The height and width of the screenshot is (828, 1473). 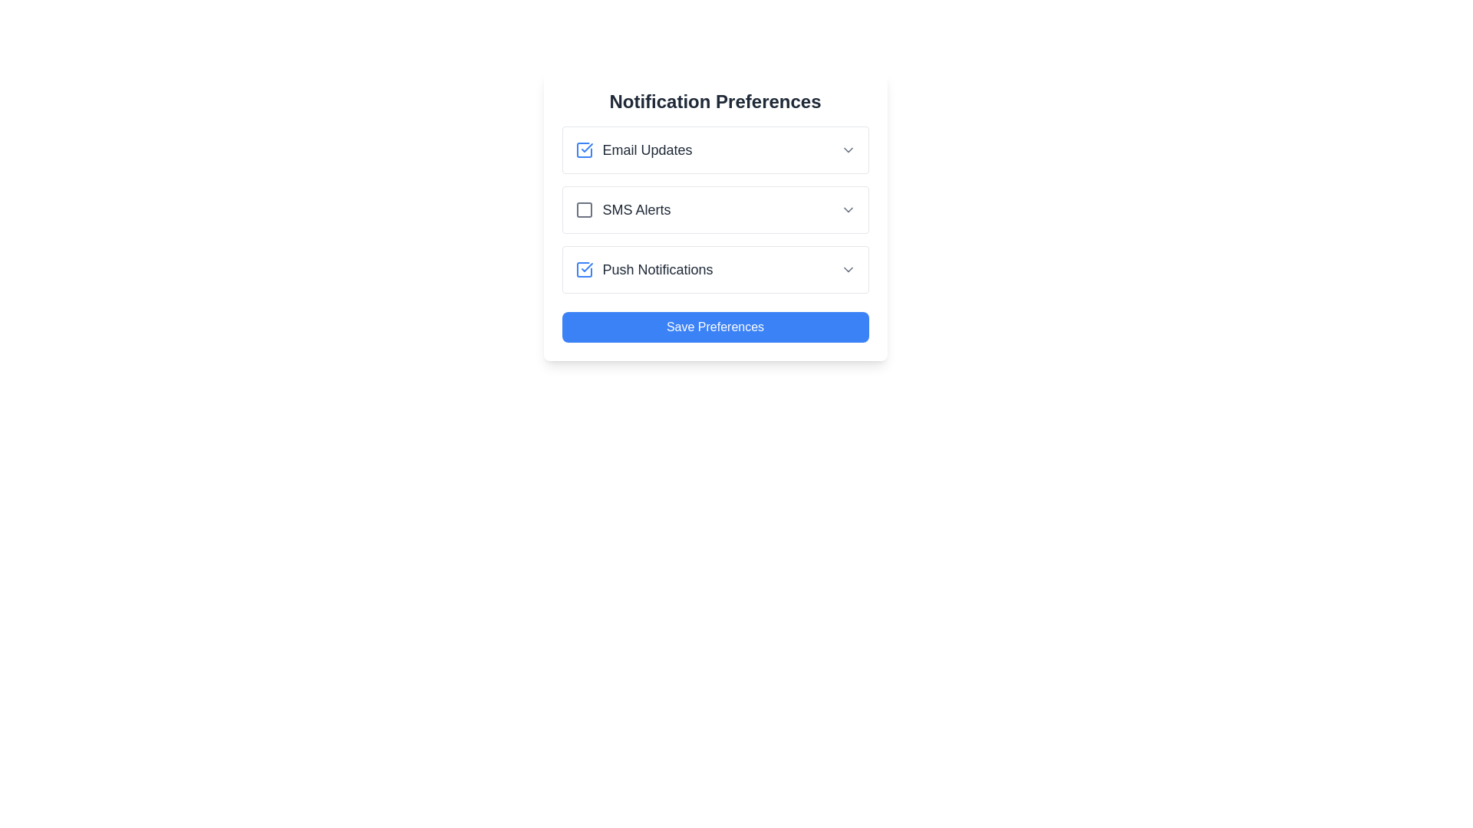 I want to click on text displayed in the 'Email Updates' label, which is a large dark gray text adjacent to a checkbox in the notification preferences list, so click(x=648, y=150).